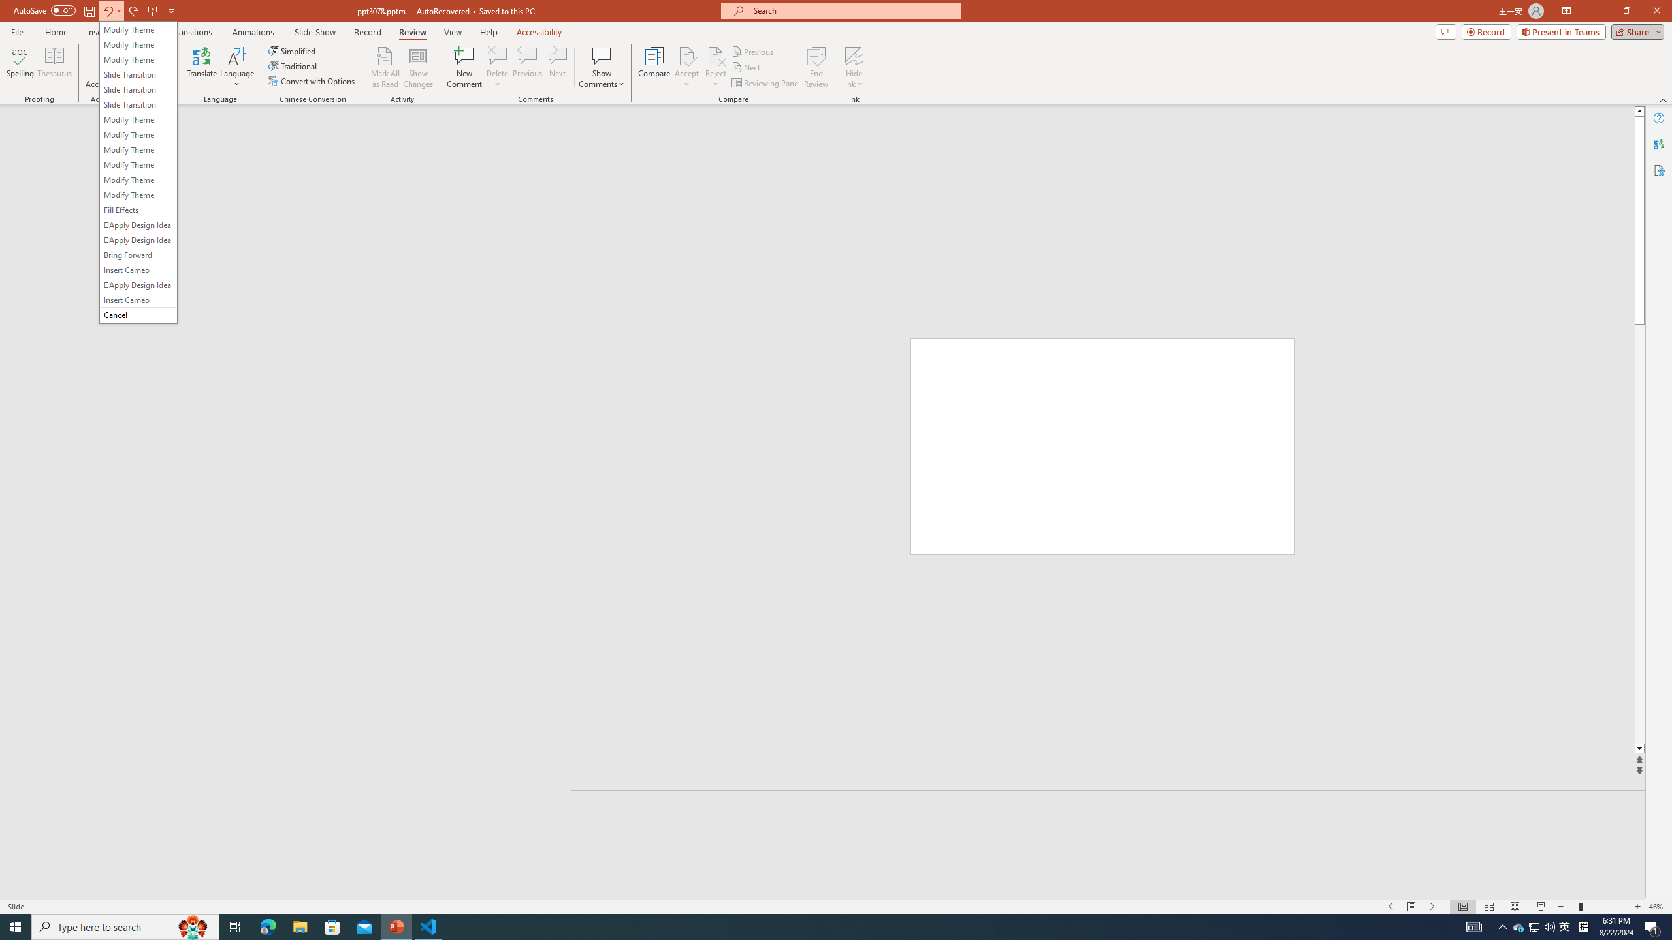 This screenshot has height=940, width=1672. Describe the element at coordinates (654, 67) in the screenshot. I see `'Compare'` at that location.